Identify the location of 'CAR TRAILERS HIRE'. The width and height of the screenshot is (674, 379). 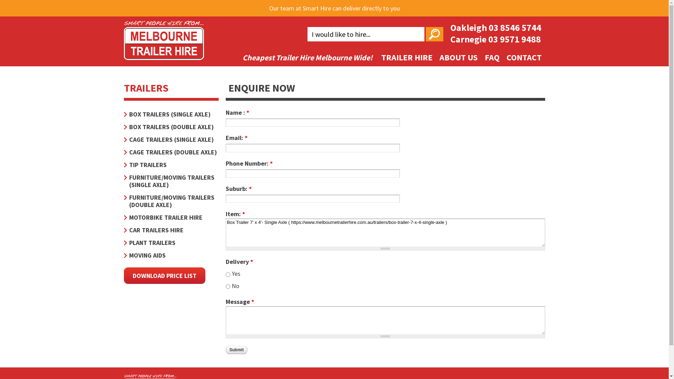
(171, 230).